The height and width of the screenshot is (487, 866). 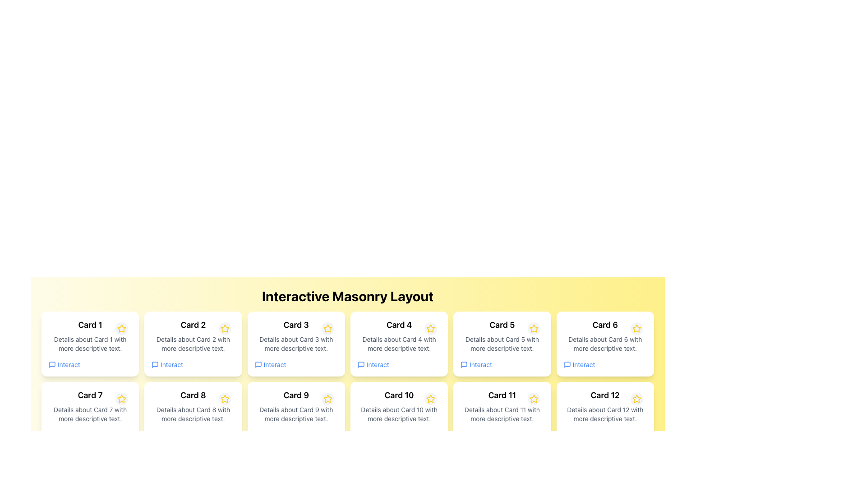 I want to click on the text display that reads 'Details about Card 10 with more descriptive text.' which is located centrally within the card labeled 'Card 10', so click(x=399, y=414).